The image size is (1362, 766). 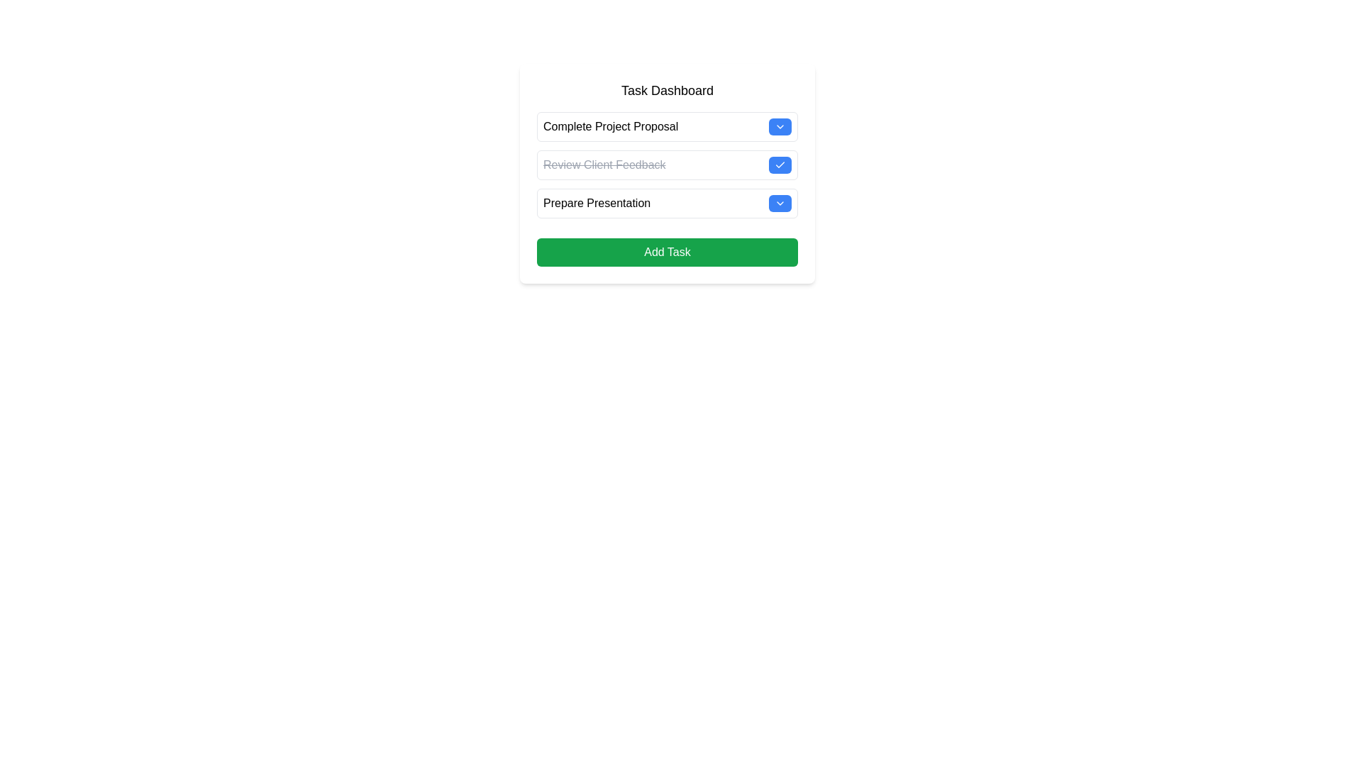 What do you see at coordinates (666, 251) in the screenshot?
I see `the green 'Add Task' button located at the bottom of the 'Task Dashboard' group to invoke its action` at bounding box center [666, 251].